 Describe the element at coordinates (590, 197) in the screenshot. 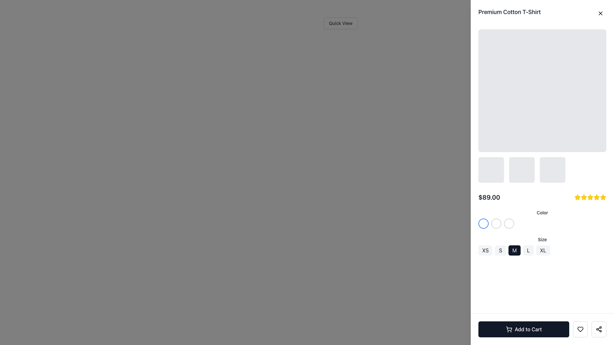

I see `the fifth star-shaped icon with a yellow fill, which is located in a row of five star icons beneath the product price` at that location.